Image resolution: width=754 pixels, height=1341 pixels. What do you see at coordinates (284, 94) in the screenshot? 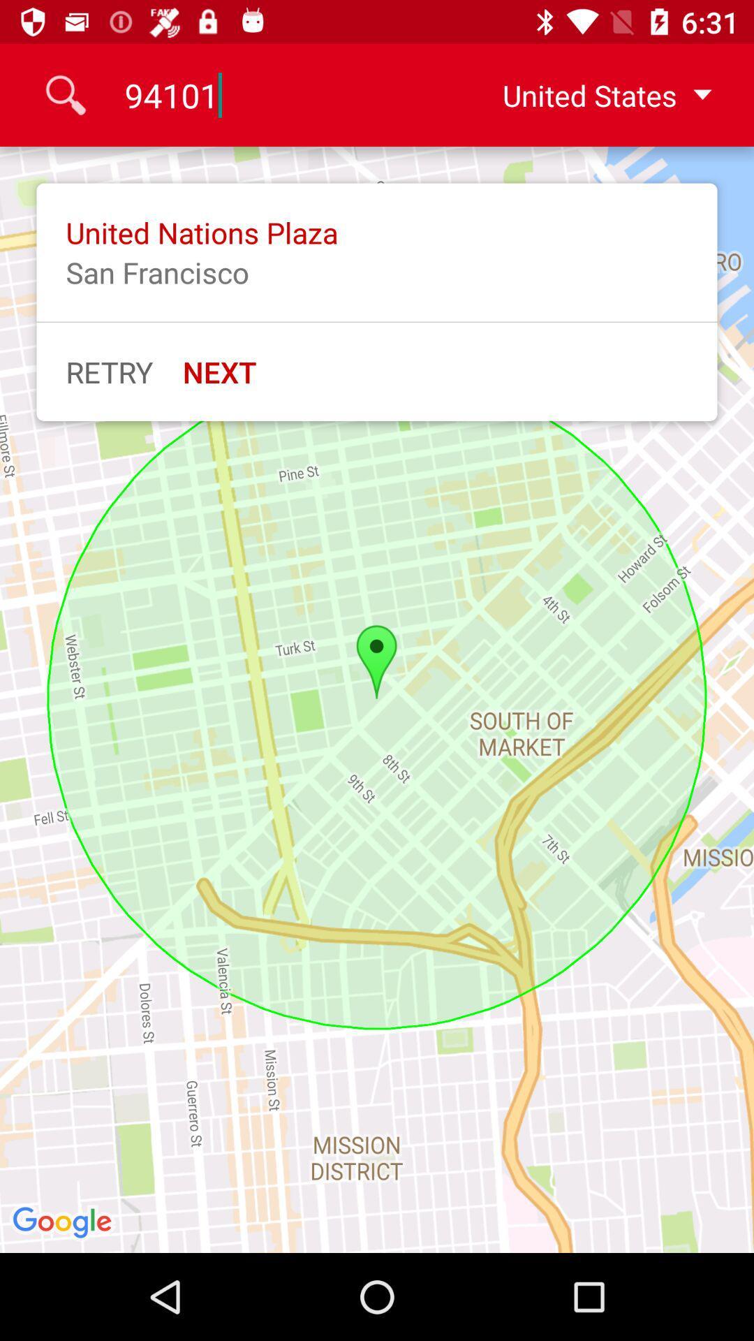
I see `the icon to the left of the united states icon` at bounding box center [284, 94].